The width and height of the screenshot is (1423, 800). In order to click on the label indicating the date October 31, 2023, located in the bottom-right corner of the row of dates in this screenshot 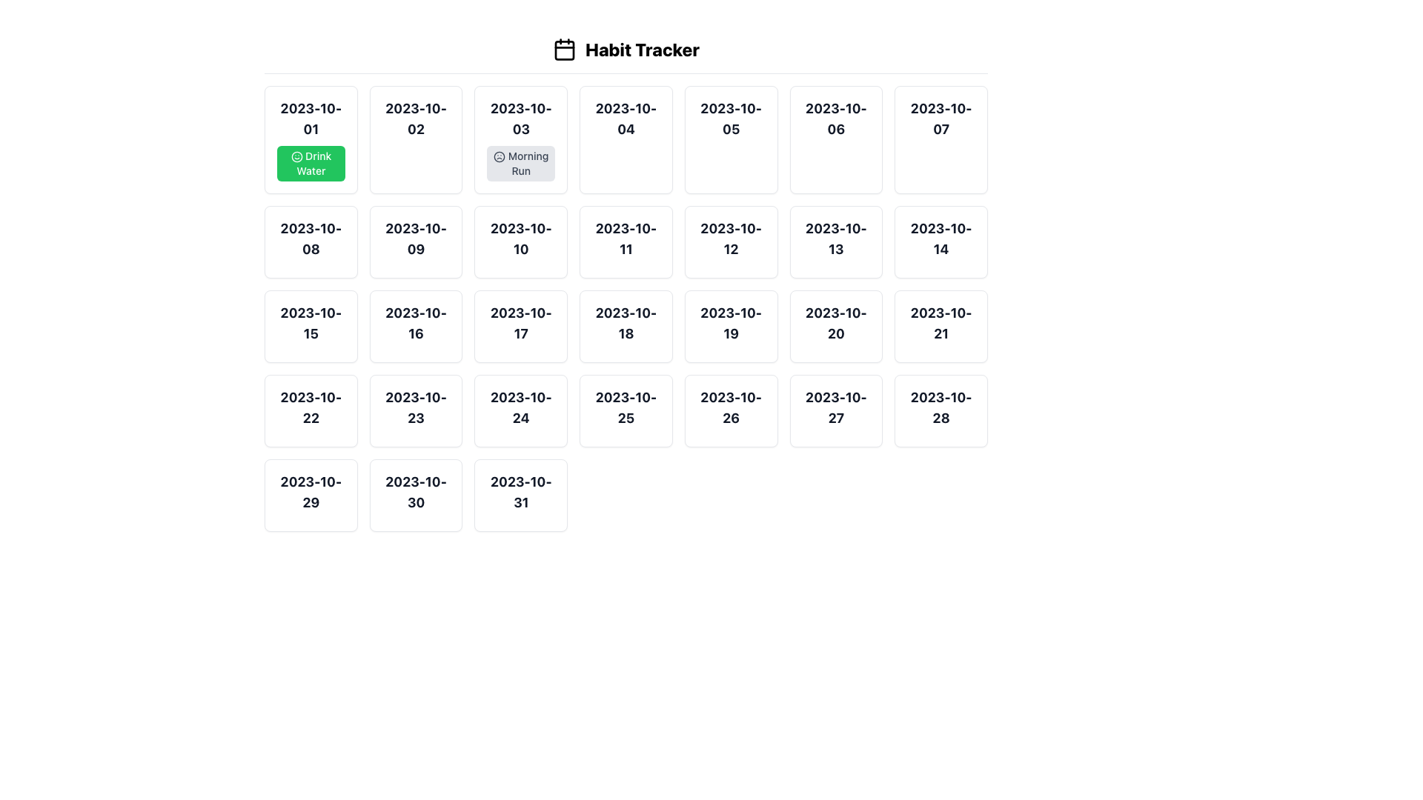, I will do `click(521, 492)`.